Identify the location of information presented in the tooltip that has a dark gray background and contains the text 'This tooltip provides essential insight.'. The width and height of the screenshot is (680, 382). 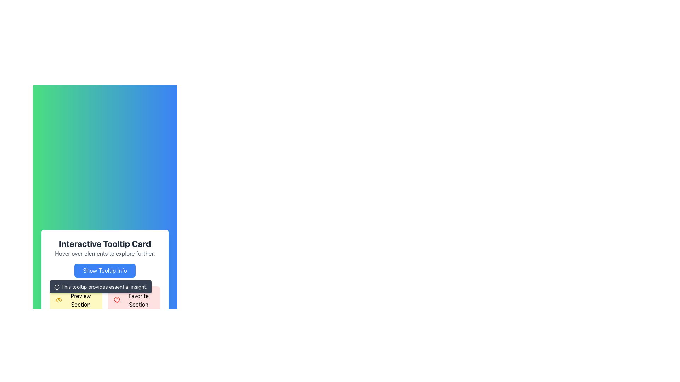
(100, 286).